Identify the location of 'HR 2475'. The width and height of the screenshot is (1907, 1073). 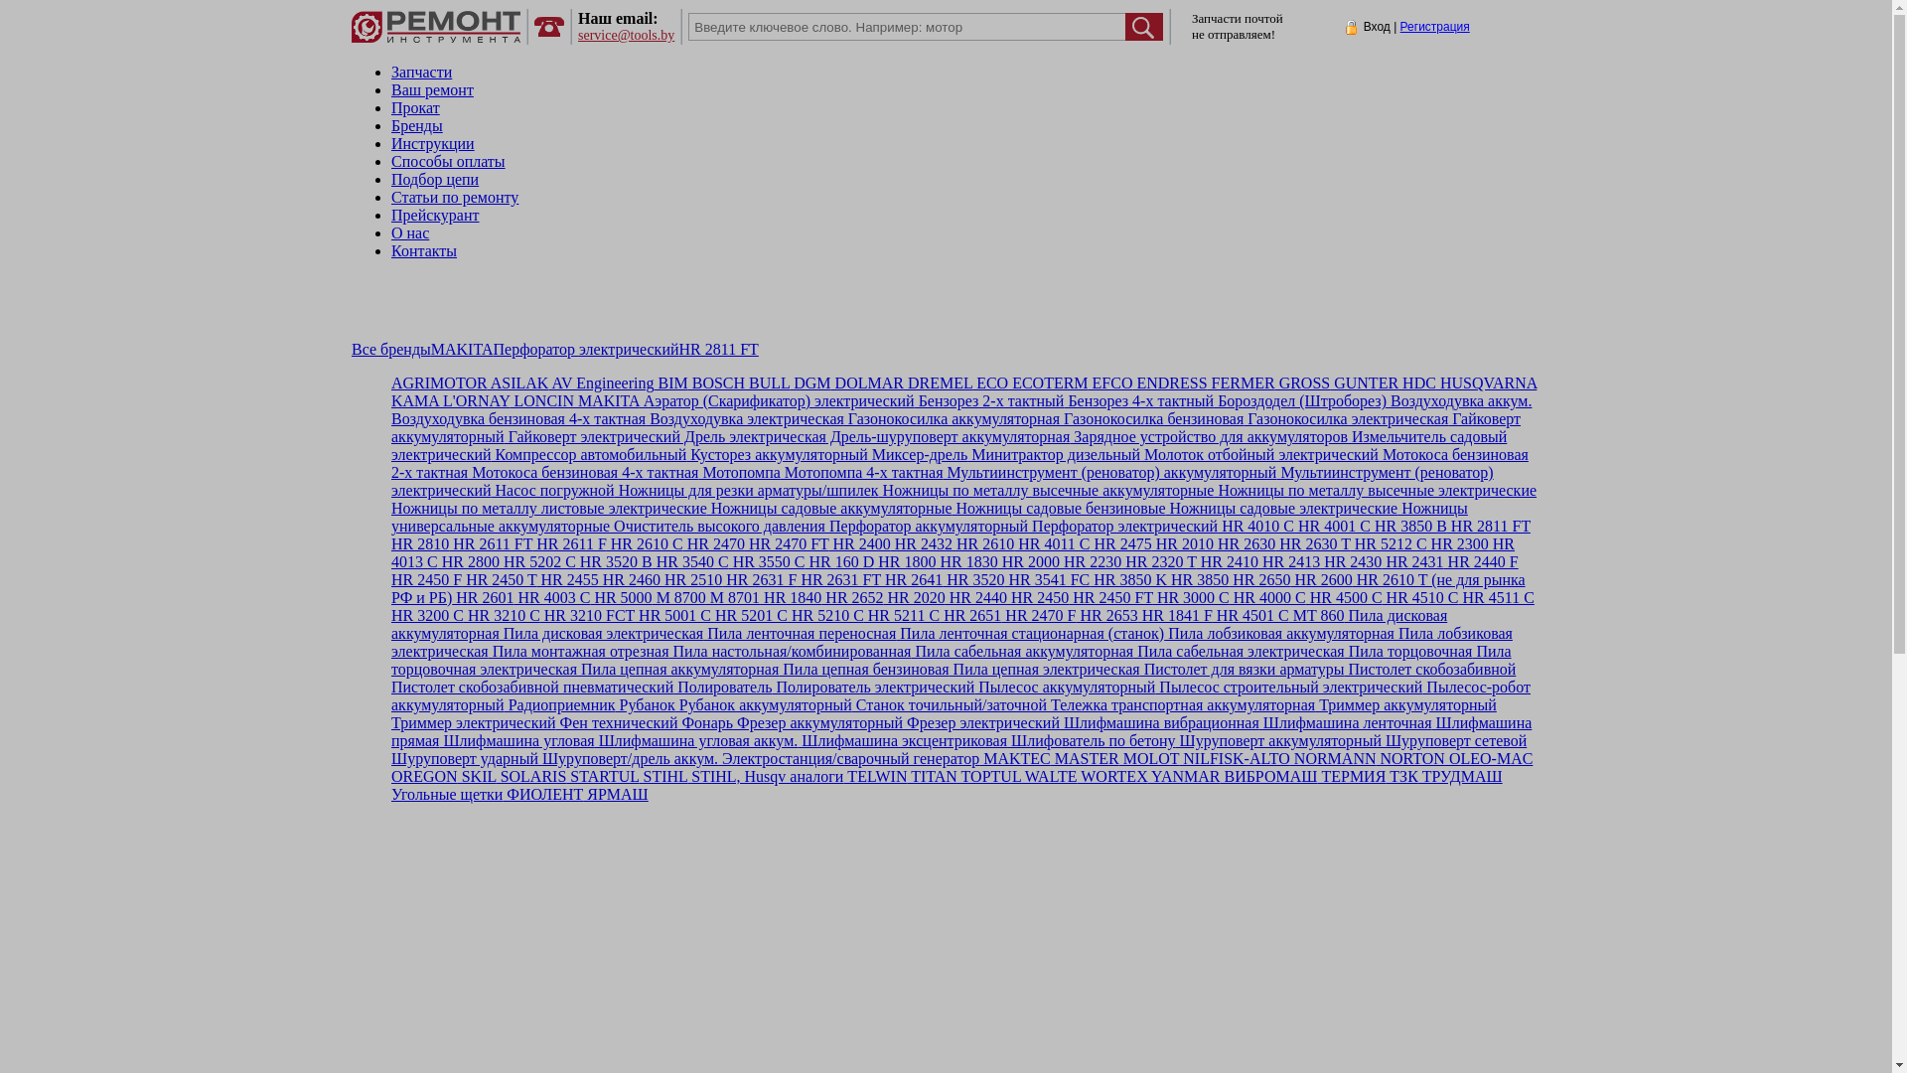
(1120, 543).